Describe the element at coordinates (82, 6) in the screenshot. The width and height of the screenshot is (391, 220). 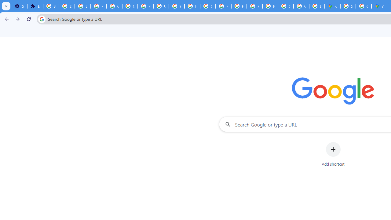
I see `'Learn how to find your photos - Google Photos Help'` at that location.